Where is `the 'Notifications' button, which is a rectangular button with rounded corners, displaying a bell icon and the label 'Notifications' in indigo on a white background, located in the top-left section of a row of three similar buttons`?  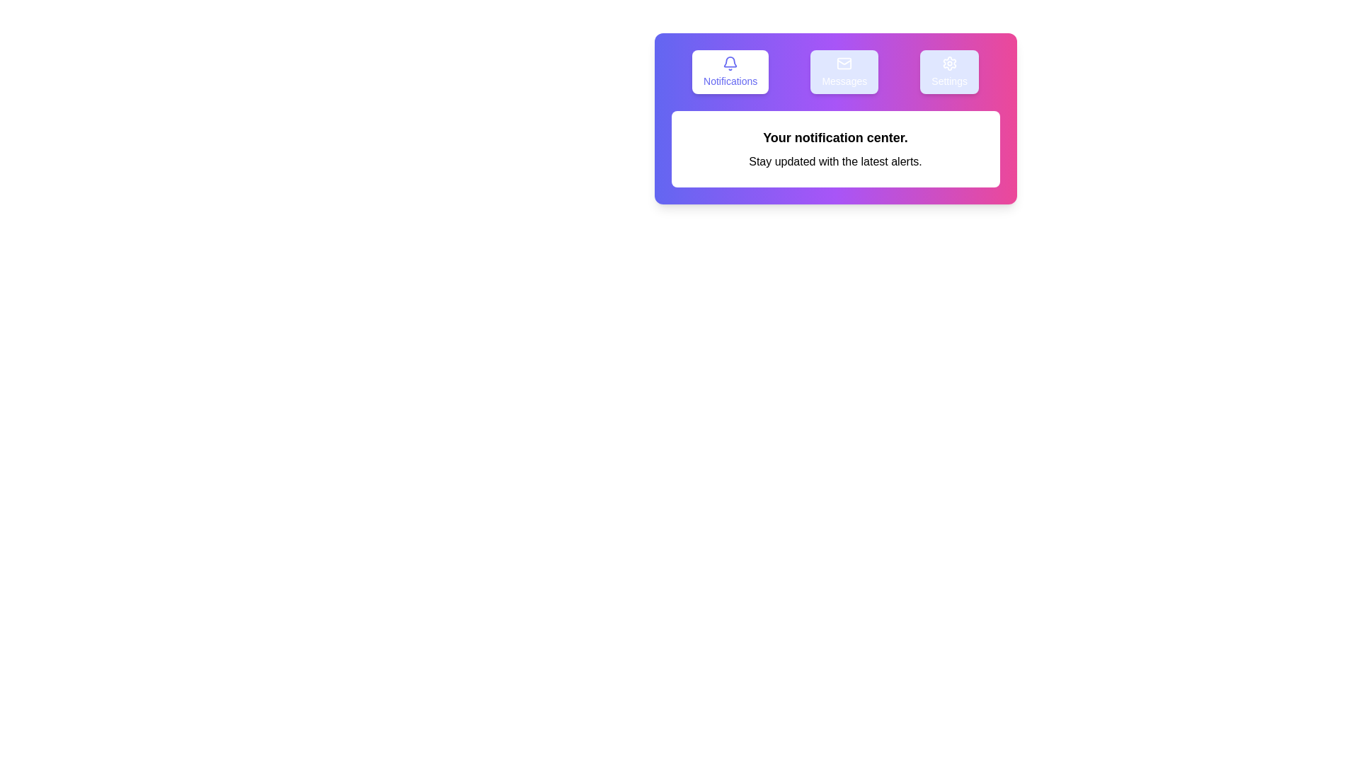
the 'Notifications' button, which is a rectangular button with rounded corners, displaying a bell icon and the label 'Notifications' in indigo on a white background, located in the top-left section of a row of three similar buttons is located at coordinates (730, 71).